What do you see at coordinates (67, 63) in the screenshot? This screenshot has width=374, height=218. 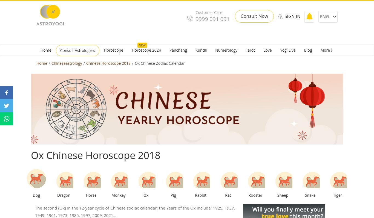 I see `'Chineseastrology'` at bounding box center [67, 63].